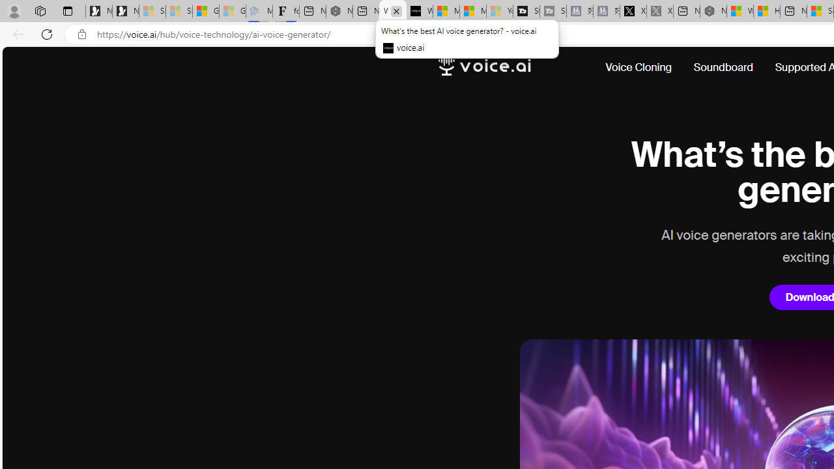  I want to click on 'Voice Cloning', so click(644, 68).